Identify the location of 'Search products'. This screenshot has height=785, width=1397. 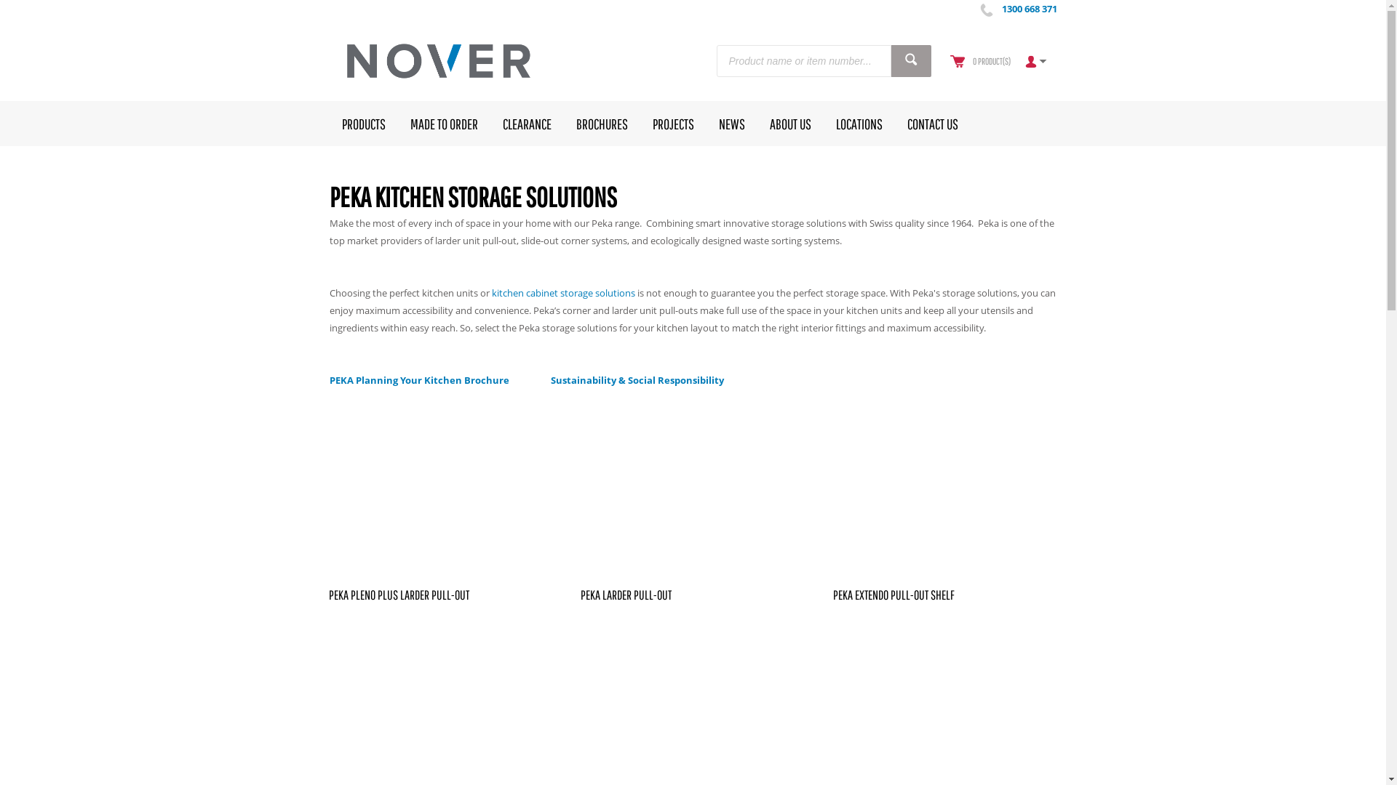
(910, 60).